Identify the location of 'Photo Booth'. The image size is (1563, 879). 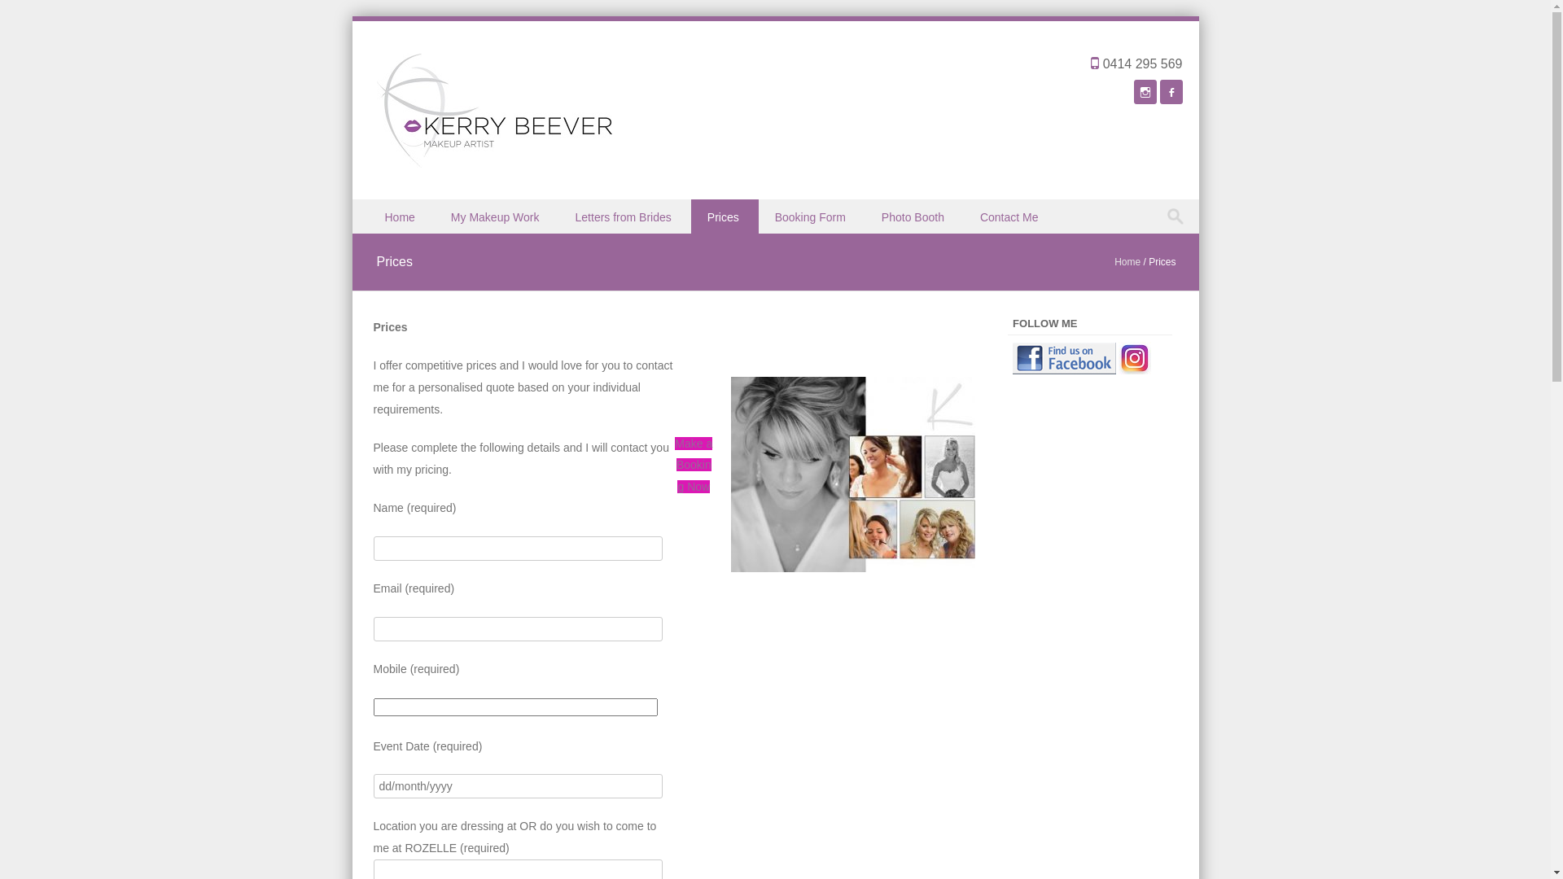
(914, 216).